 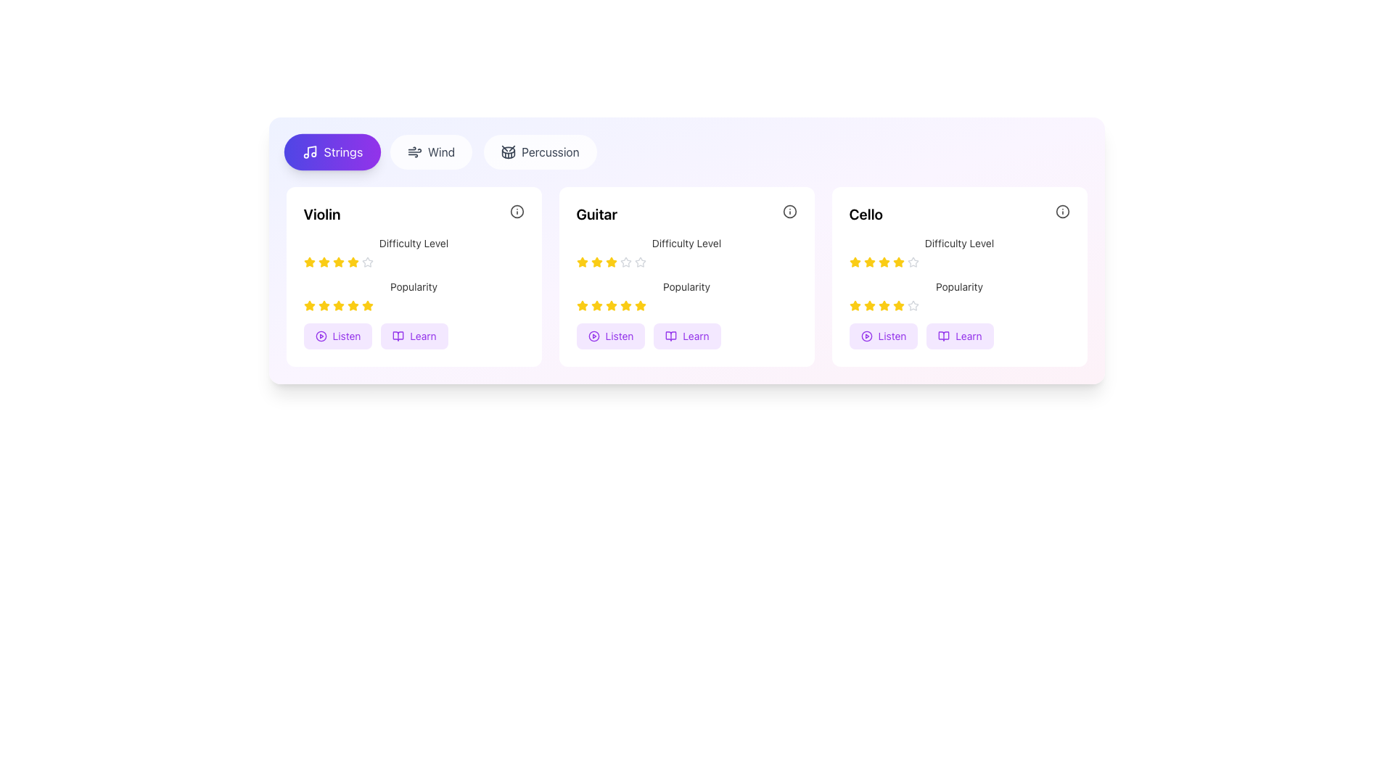 I want to click on the rating displayed by the star icons in the Rating indicator for the item 'Cello', located in the second row of the 'Difficulty Level' section within the card labeled 'Cello', so click(x=959, y=262).